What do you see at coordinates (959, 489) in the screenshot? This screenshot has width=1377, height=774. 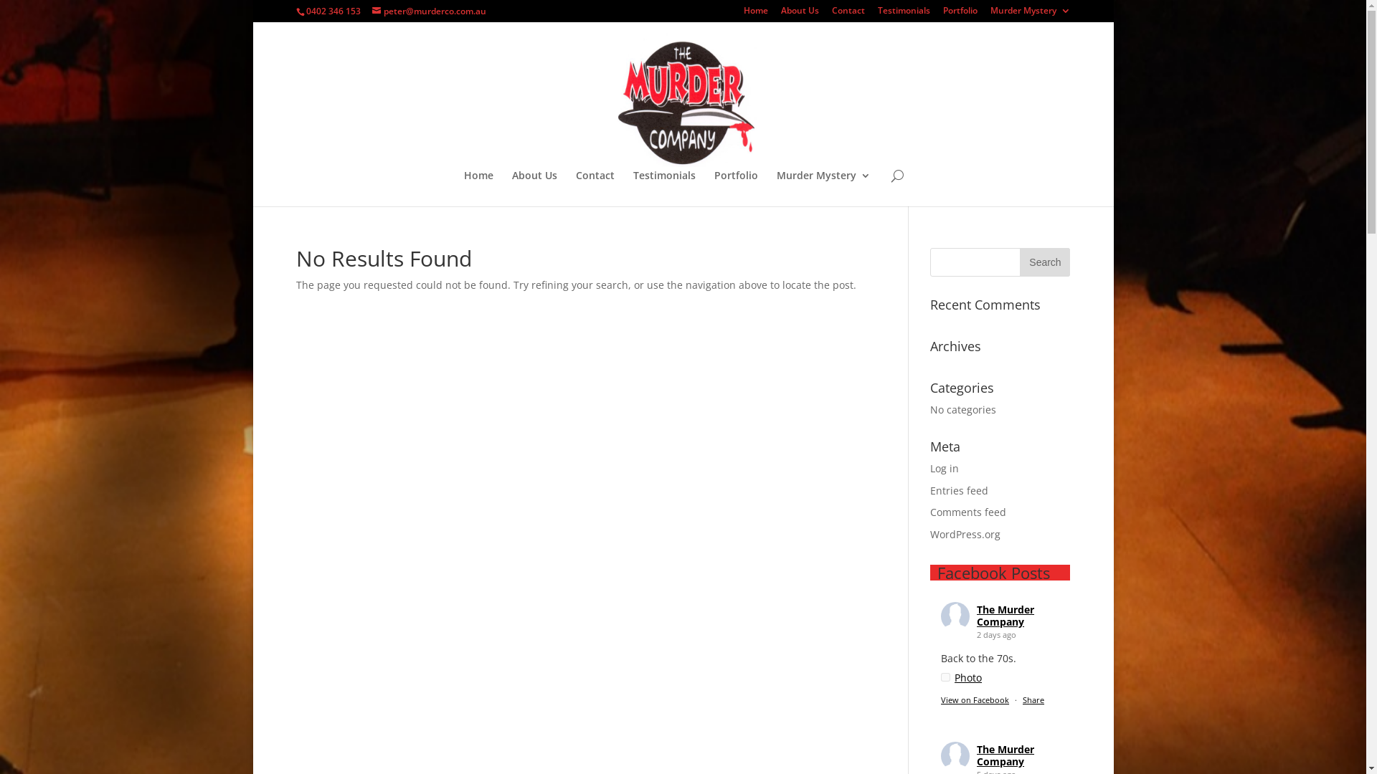 I see `'Entries feed'` at bounding box center [959, 489].